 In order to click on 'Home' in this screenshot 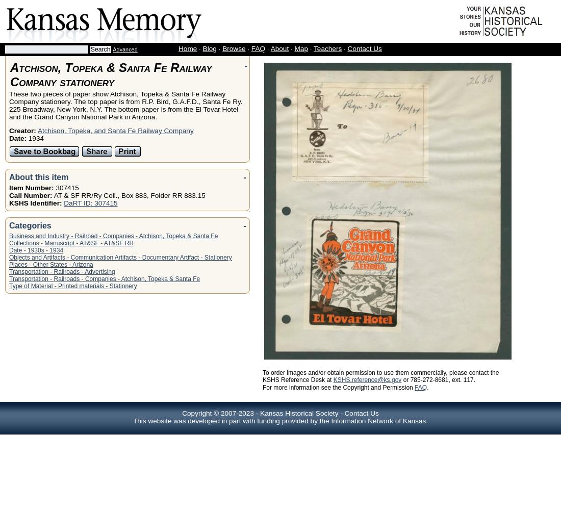, I will do `click(187, 48)`.